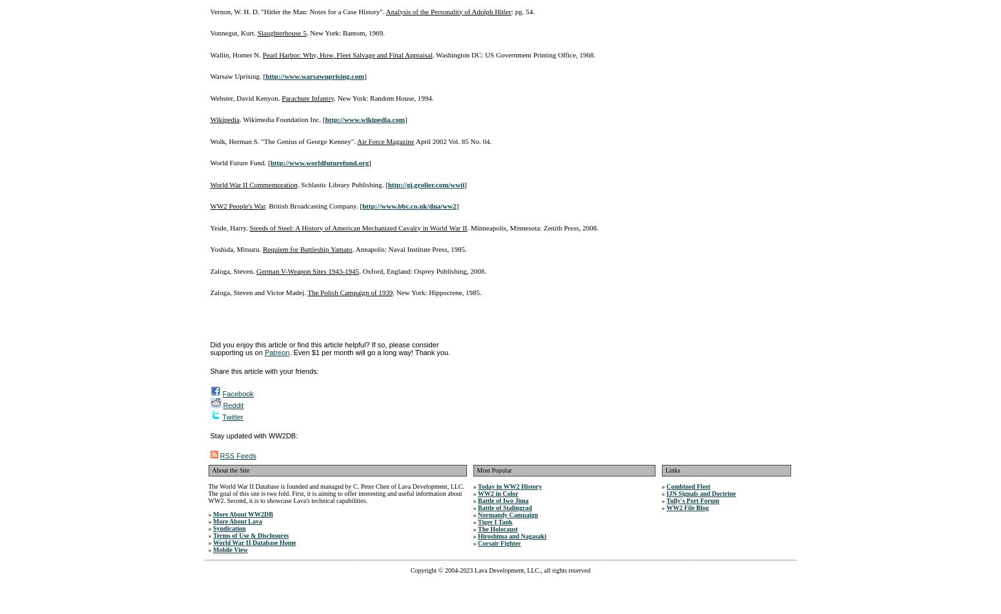  I want to click on 'Combined Fleet', so click(688, 486).